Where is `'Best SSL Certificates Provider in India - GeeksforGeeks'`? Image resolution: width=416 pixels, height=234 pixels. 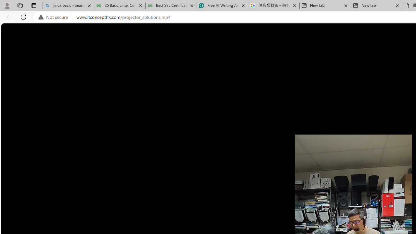
'Best SSL Certificates Provider in India - GeeksforGeeks' is located at coordinates (171, 6).